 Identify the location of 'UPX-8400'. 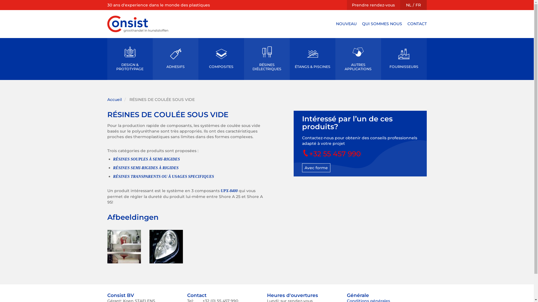
(229, 190).